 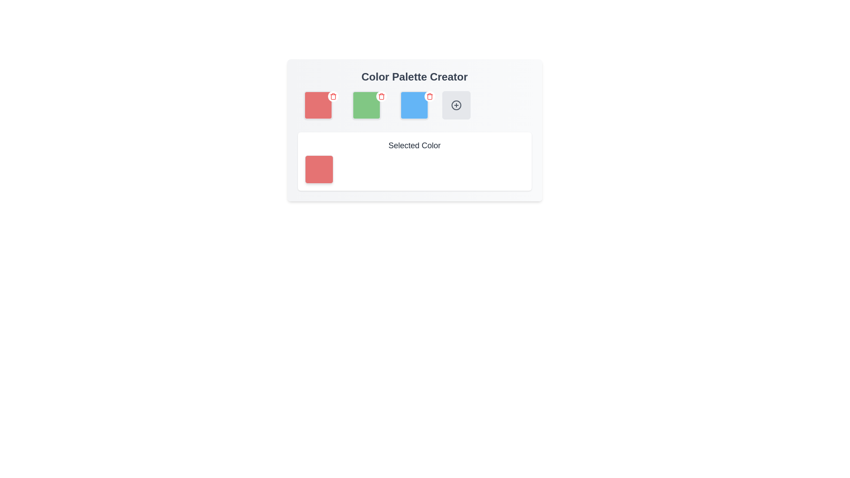 What do you see at coordinates (429, 96) in the screenshot?
I see `the Trash Can icon located at the top-right corner of the blue color square in the color palette section` at bounding box center [429, 96].